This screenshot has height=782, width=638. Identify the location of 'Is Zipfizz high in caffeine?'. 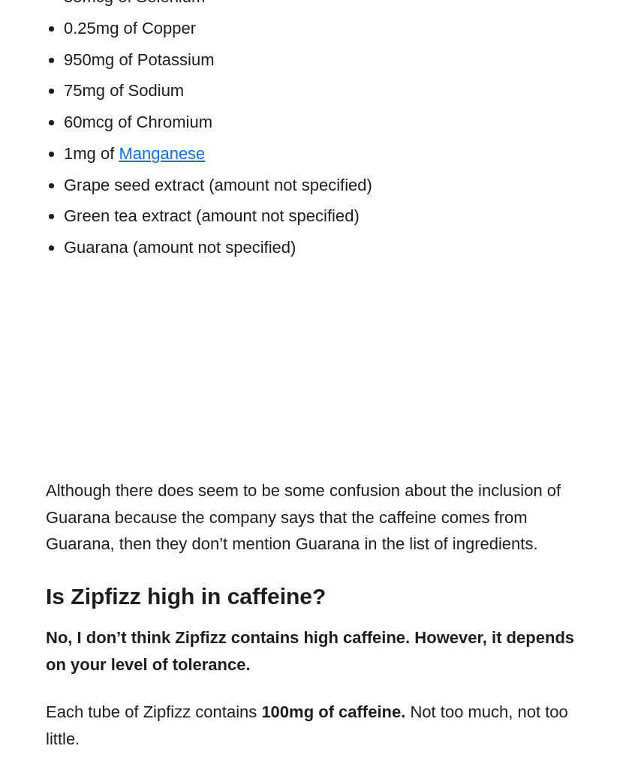
(185, 596).